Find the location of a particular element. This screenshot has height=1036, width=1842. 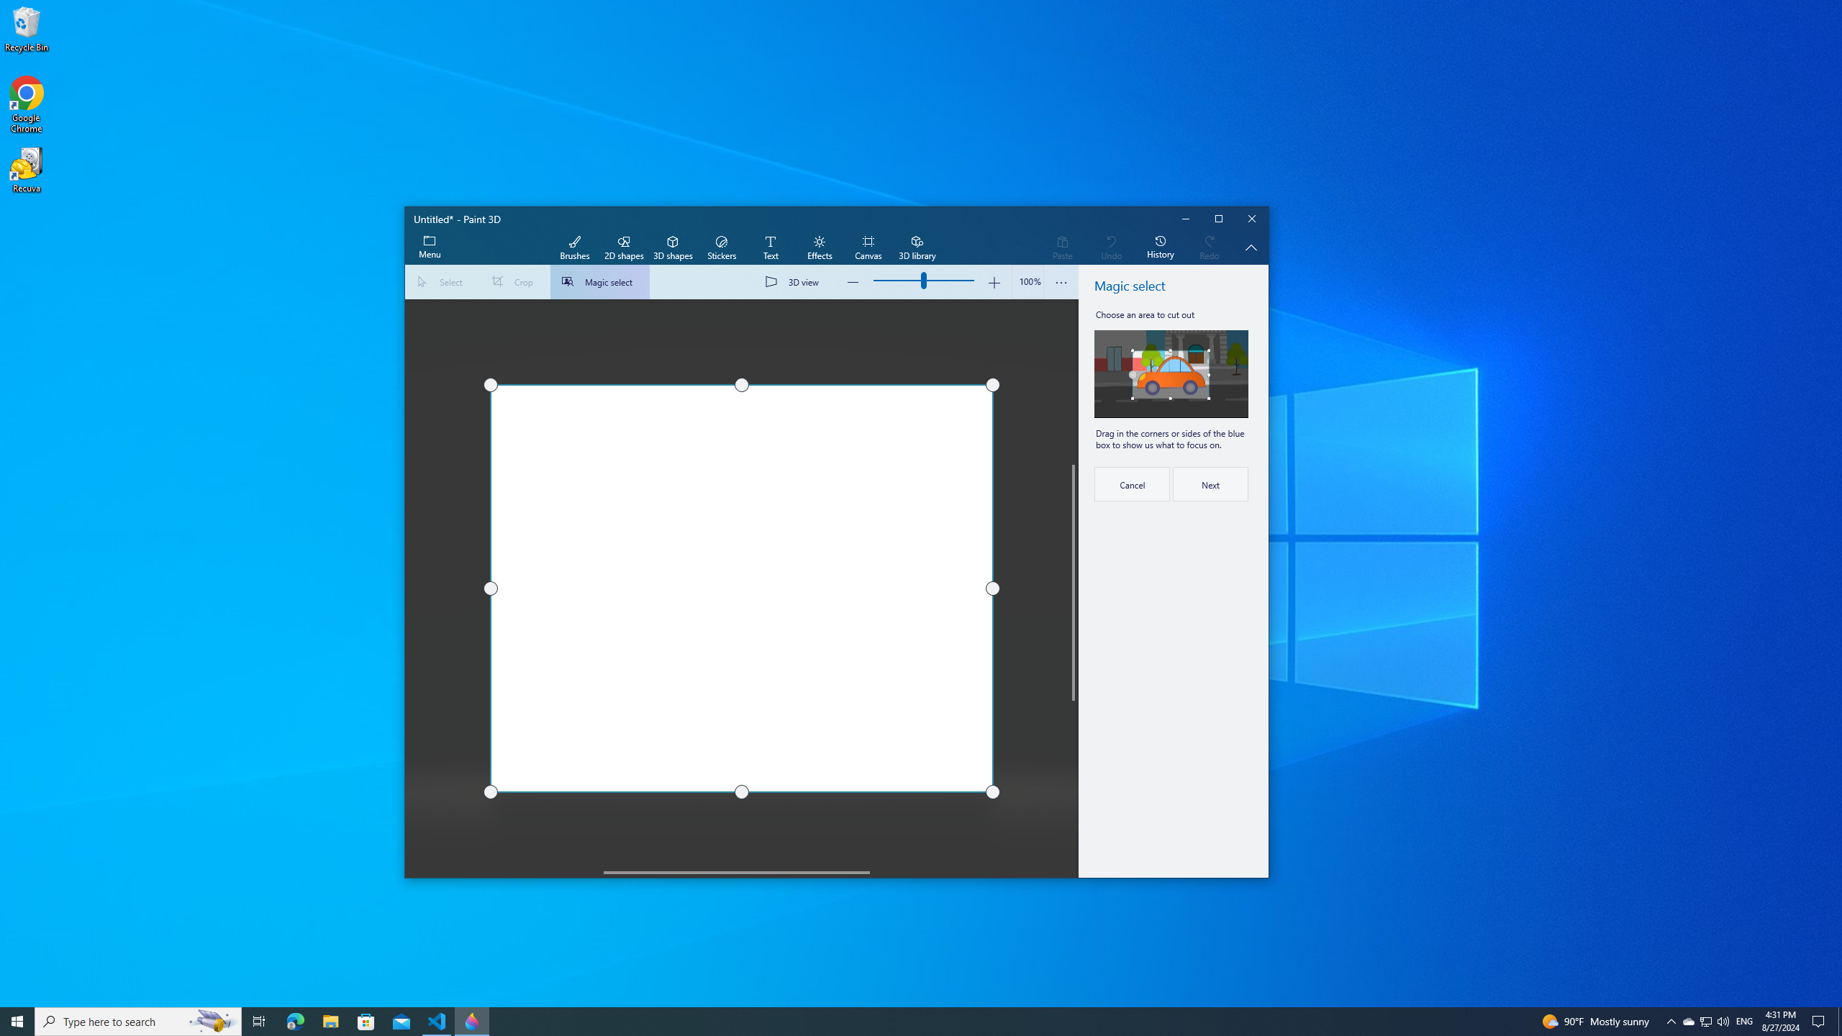

'Select' is located at coordinates (443, 281).